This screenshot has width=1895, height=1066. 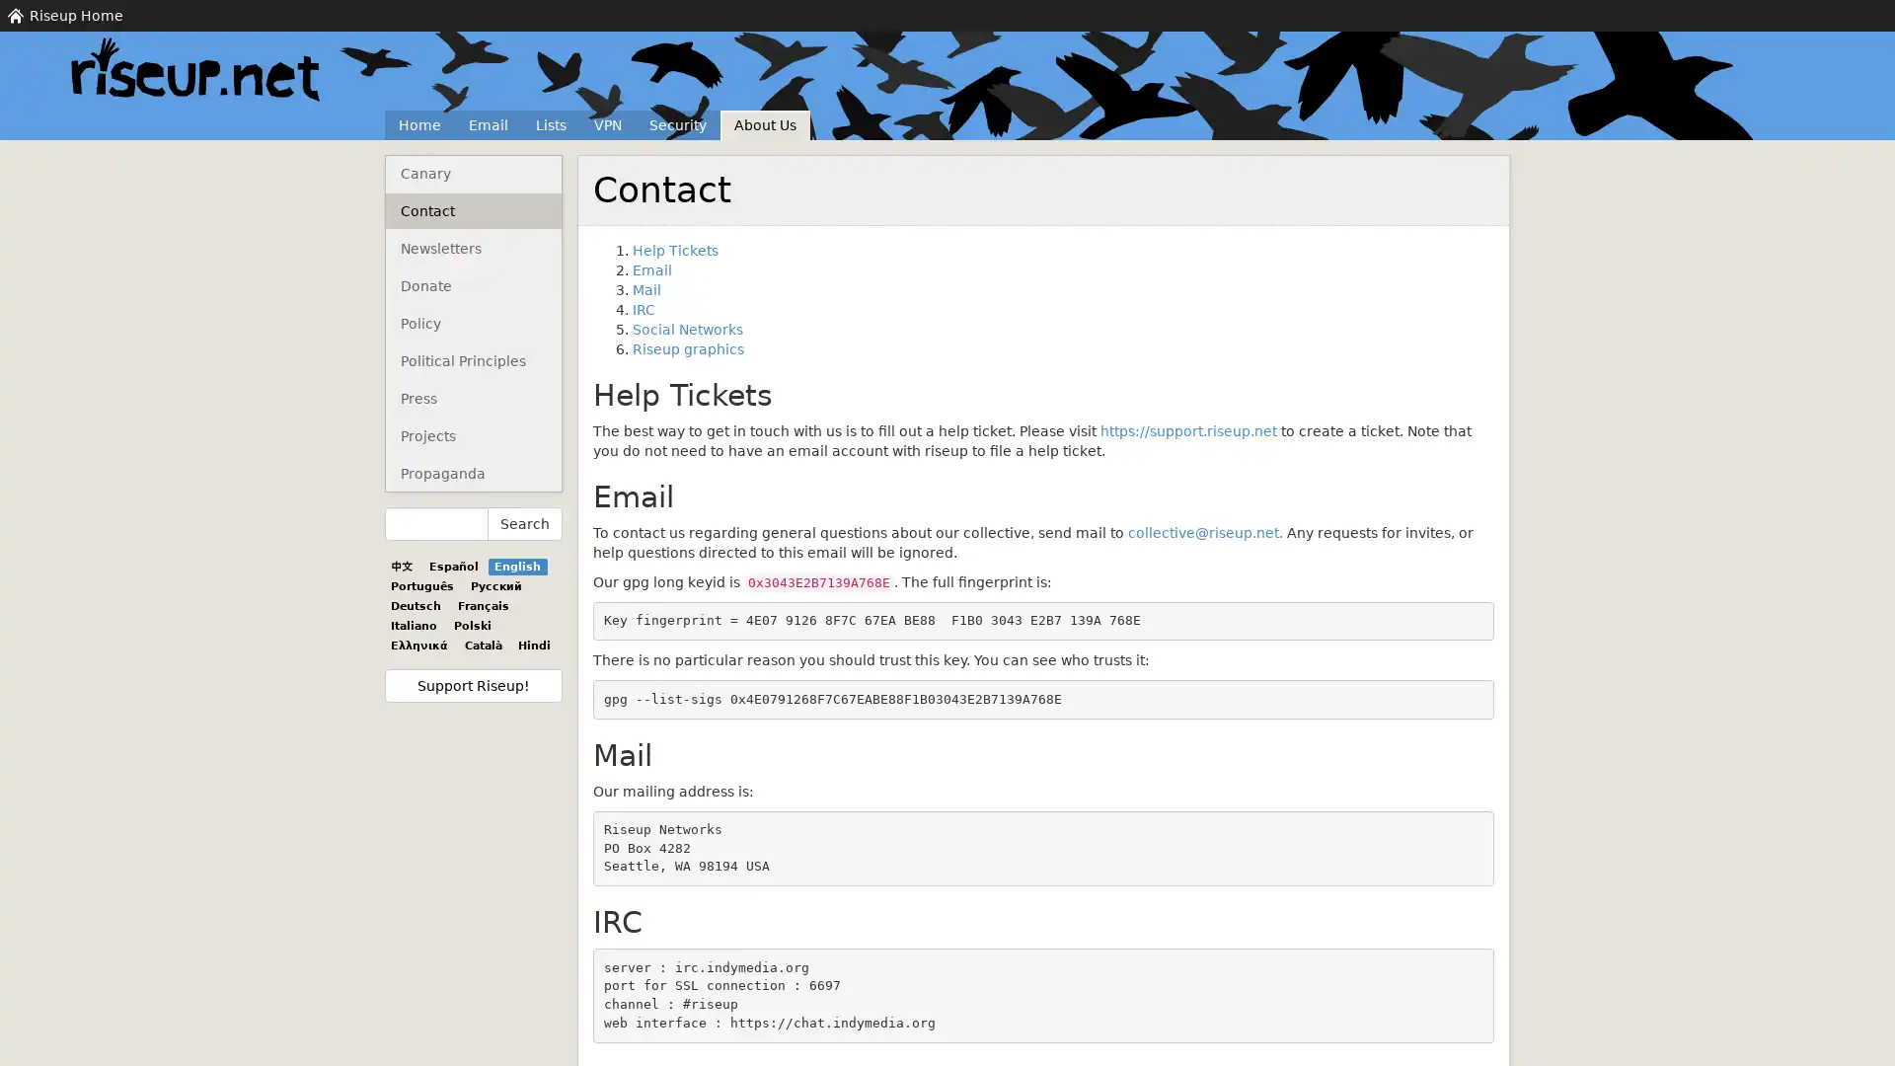 What do you see at coordinates (525, 523) in the screenshot?
I see `Search` at bounding box center [525, 523].